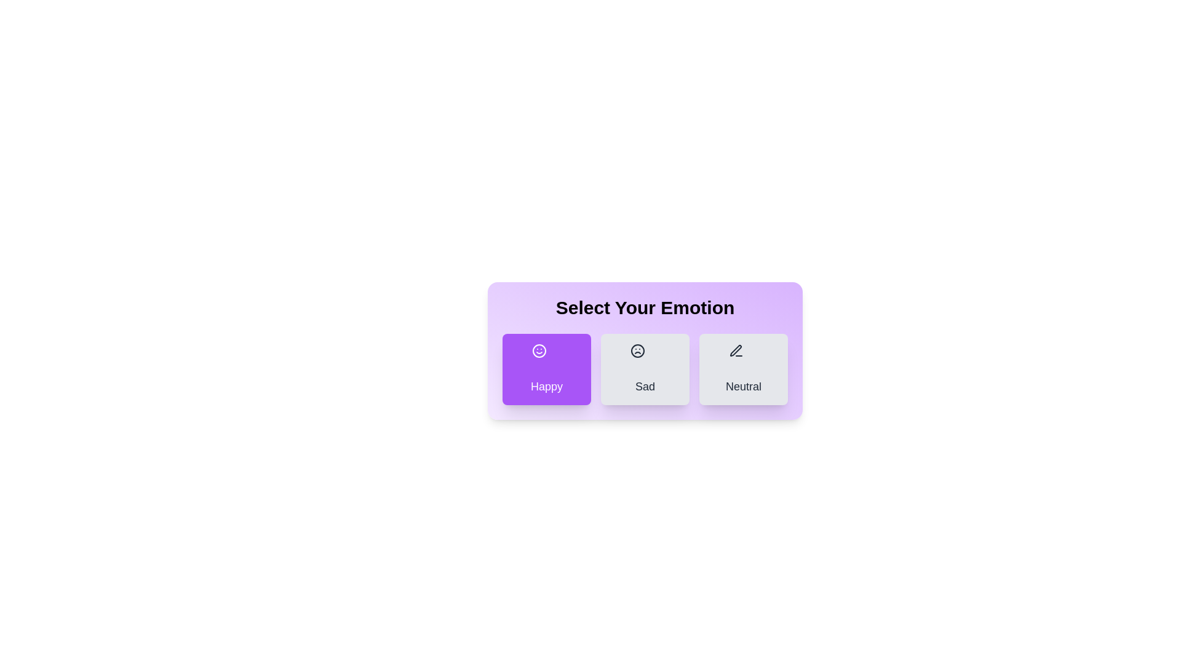  Describe the element at coordinates (546, 369) in the screenshot. I see `the emotion Happy by clicking on the corresponding button` at that location.